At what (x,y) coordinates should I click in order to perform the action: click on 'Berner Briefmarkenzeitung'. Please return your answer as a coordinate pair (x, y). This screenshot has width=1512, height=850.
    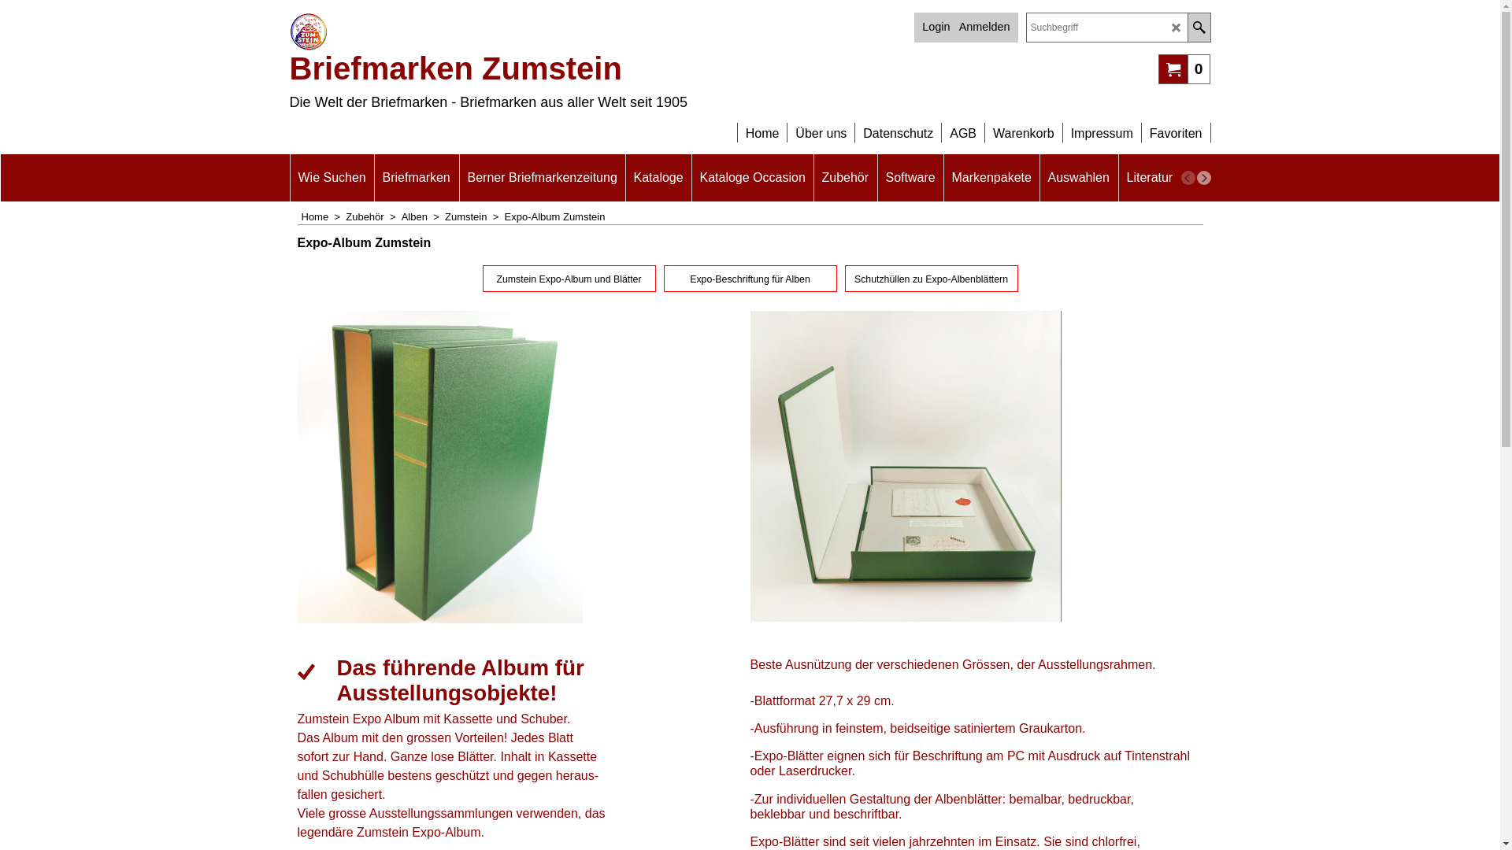
    Looking at the image, I should click on (543, 177).